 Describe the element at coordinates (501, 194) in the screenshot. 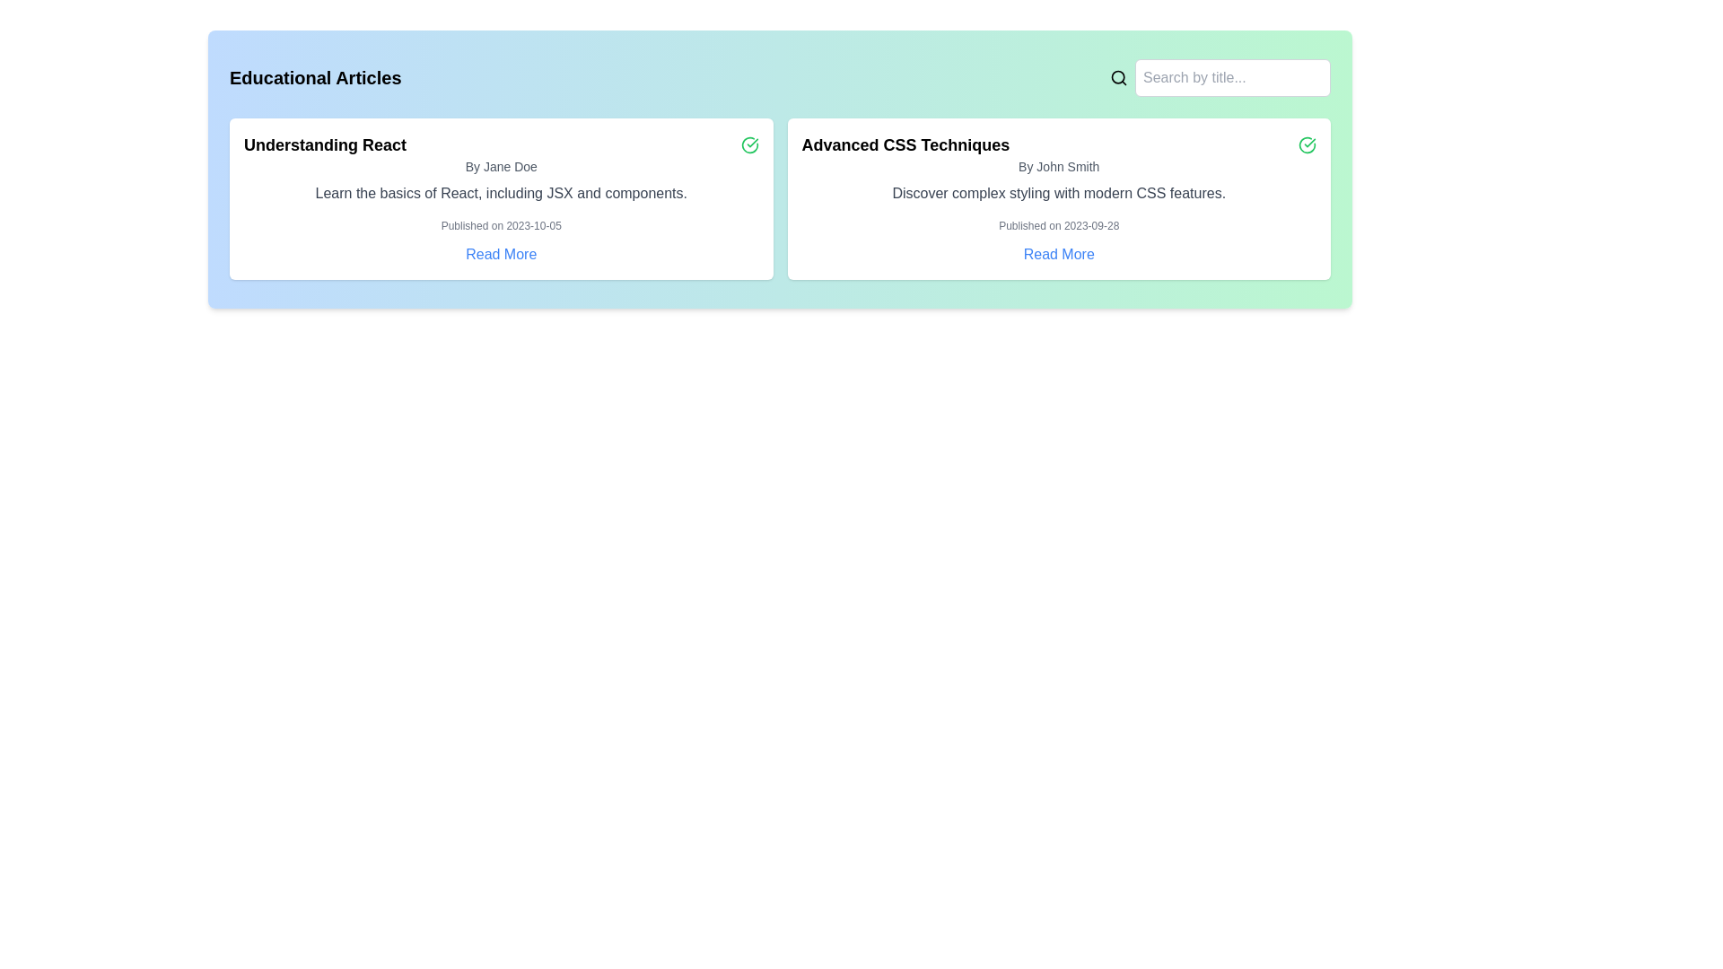

I see `the text block that provides a summary of the 'Understanding React' article, located under 'By Jane Doe' and above 'Published on 2023-10-05'` at that location.